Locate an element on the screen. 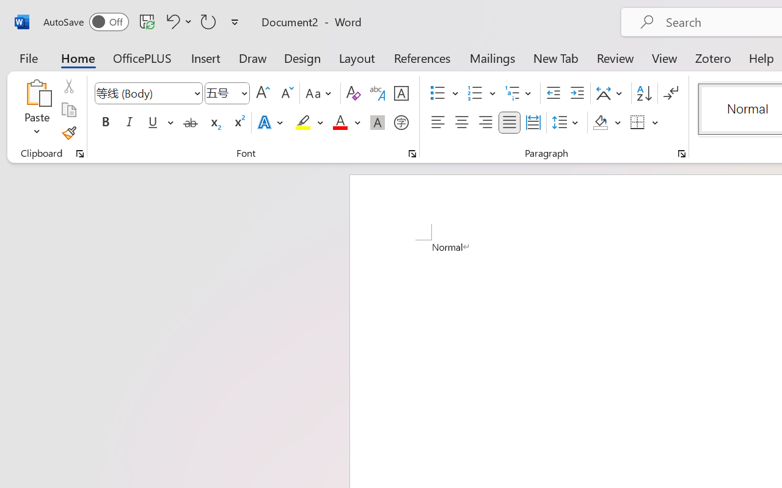 The image size is (782, 488). 'Insert' is located at coordinates (206, 57).